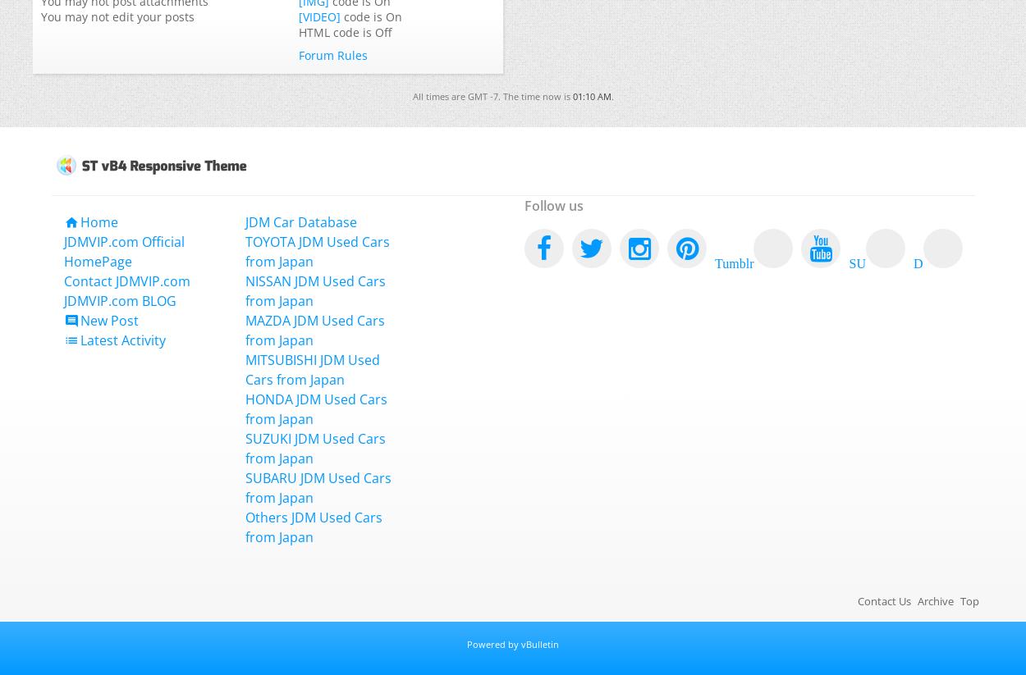 This screenshot has height=675, width=1026. Describe the element at coordinates (393, 16) in the screenshot. I see `'On'` at that location.